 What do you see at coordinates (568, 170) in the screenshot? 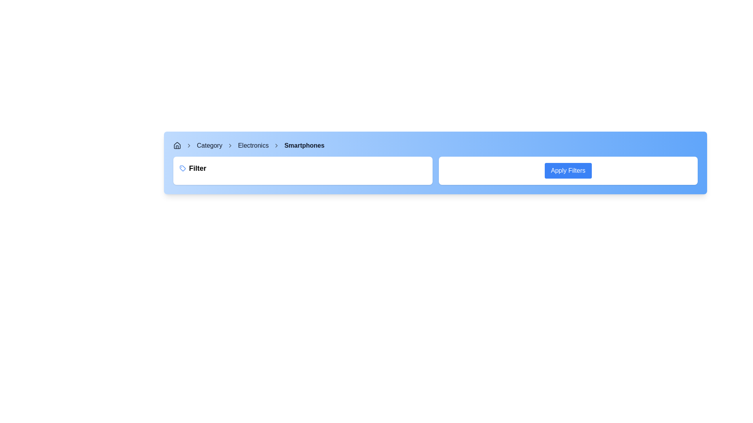
I see `the 'Apply Filters' button with a blue background and white text` at bounding box center [568, 170].